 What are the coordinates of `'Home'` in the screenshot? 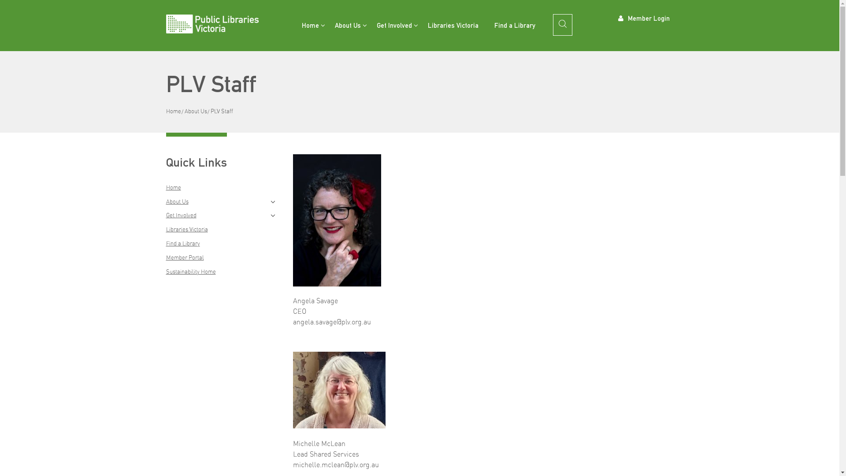 It's located at (173, 186).